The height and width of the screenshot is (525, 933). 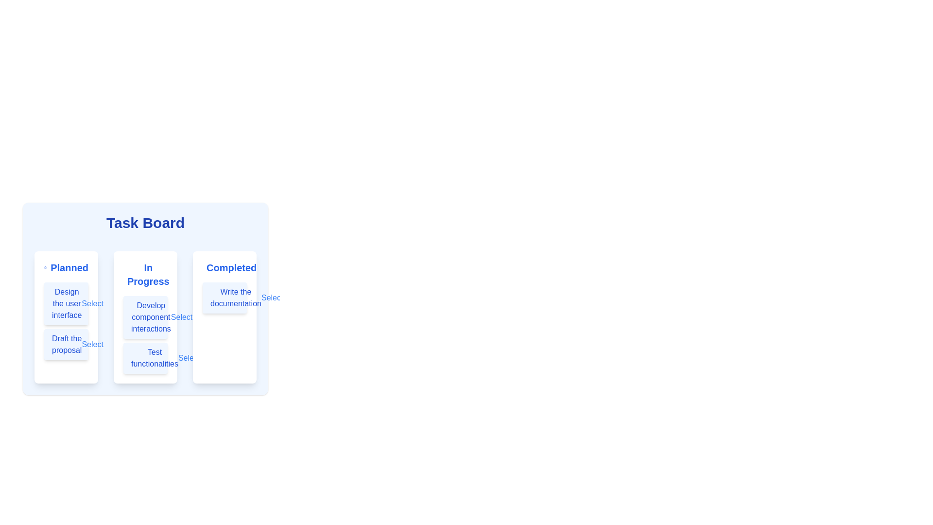 I want to click on the interactive text link or button labeled 'Draft the proposal' located in the bottom-right side of the 'Planned' column on the Task Board, so click(x=92, y=344).